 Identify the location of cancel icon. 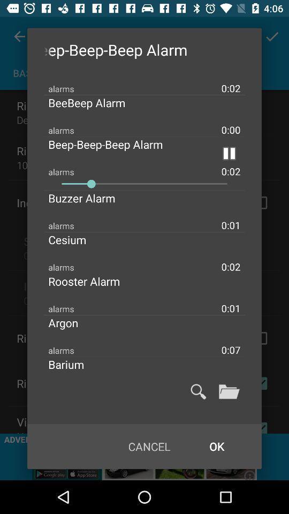
(149, 447).